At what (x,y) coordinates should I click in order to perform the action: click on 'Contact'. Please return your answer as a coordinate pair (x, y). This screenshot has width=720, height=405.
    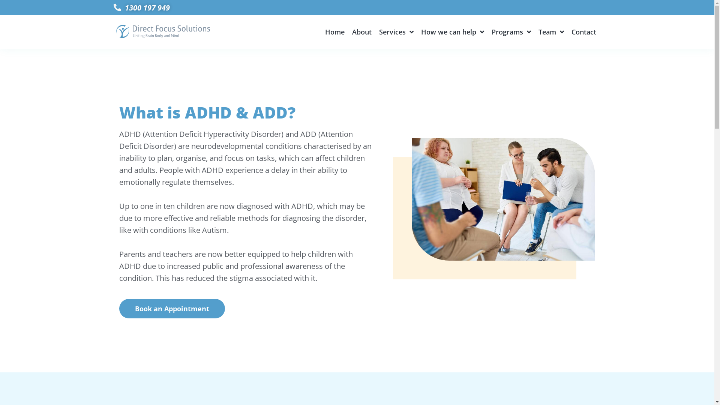
    Looking at the image, I should click on (583, 31).